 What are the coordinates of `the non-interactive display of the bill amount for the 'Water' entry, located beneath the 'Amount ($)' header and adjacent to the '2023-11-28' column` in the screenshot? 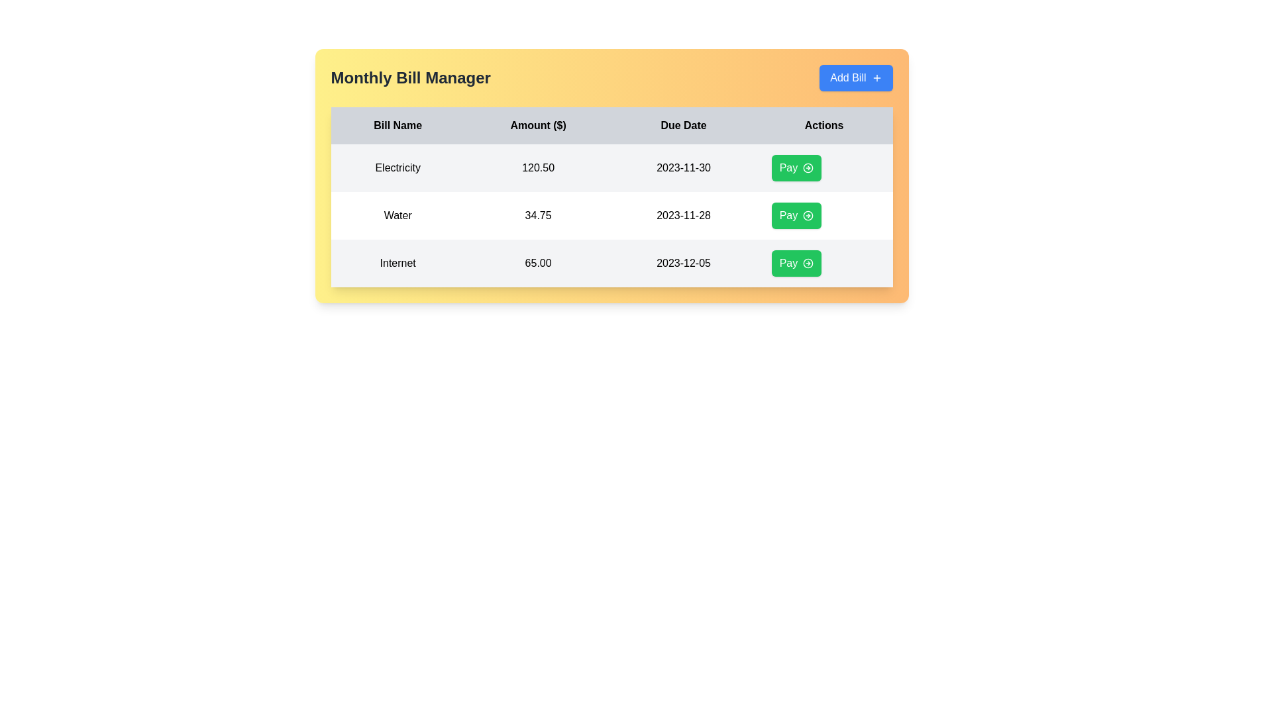 It's located at (538, 215).